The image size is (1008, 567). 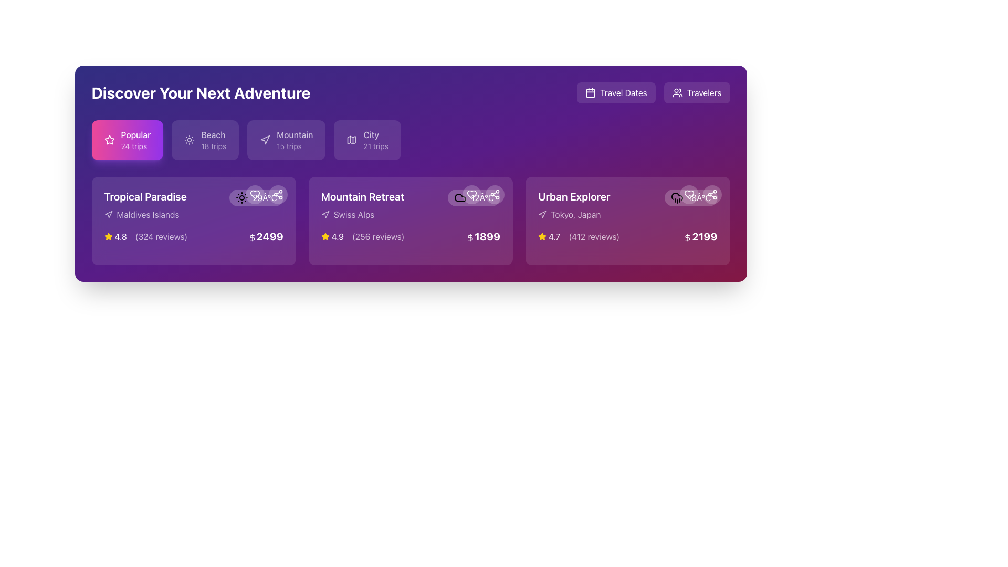 What do you see at coordinates (255, 194) in the screenshot?
I see `the favorite button located in the top-right corner of the 'Tropical Paradise' card to mark the item as a favorite` at bounding box center [255, 194].